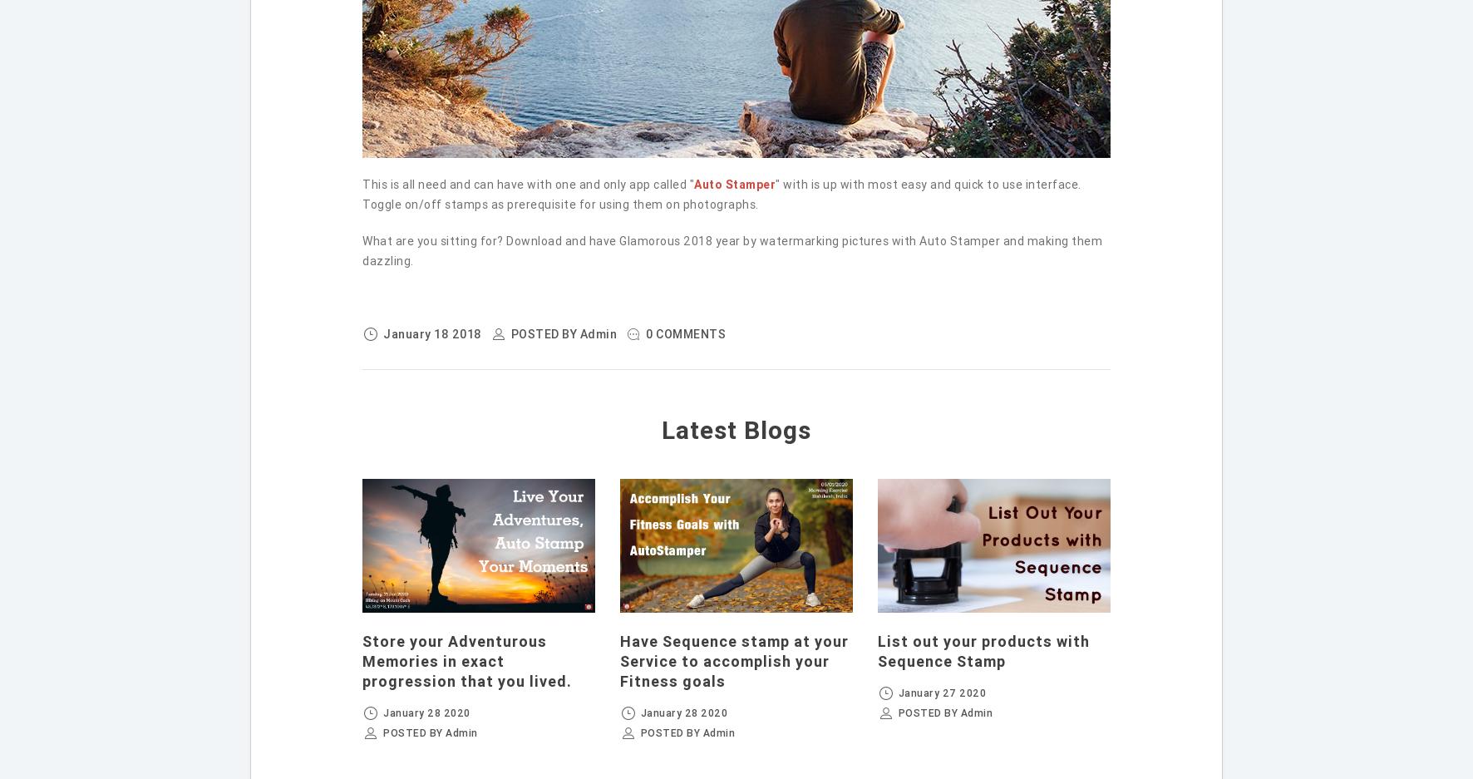  I want to click on 'Auto Stamper', so click(735, 183).